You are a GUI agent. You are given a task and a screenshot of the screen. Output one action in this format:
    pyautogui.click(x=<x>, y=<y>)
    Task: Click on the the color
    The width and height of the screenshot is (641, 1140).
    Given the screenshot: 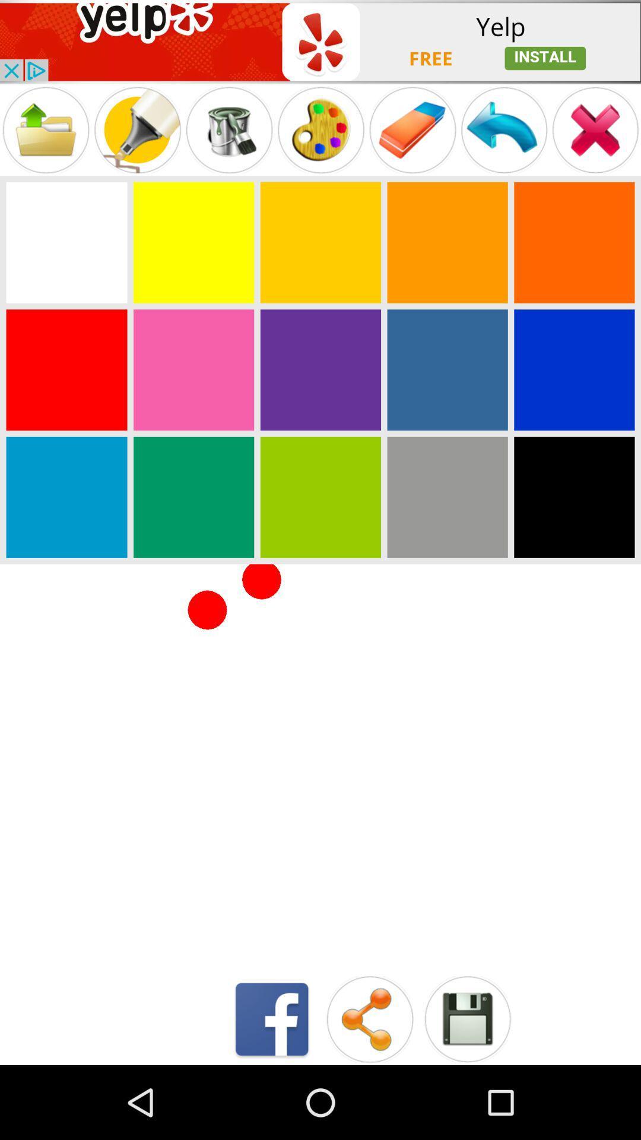 What is the action you would take?
    pyautogui.click(x=66, y=242)
    